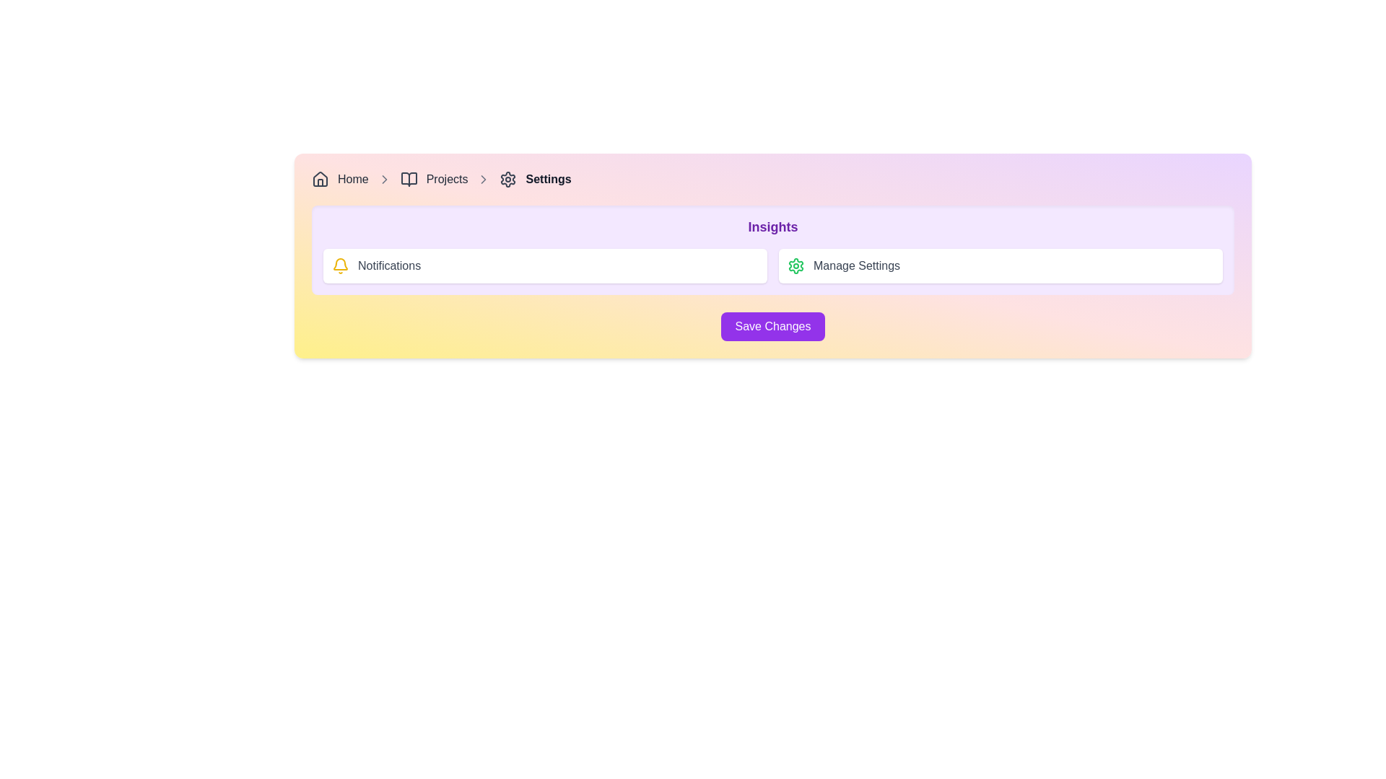 This screenshot has width=1386, height=779. I want to click on the house icon in the breadcrumb navigation bar located at the top-left corner of the interface, so click(320, 177).